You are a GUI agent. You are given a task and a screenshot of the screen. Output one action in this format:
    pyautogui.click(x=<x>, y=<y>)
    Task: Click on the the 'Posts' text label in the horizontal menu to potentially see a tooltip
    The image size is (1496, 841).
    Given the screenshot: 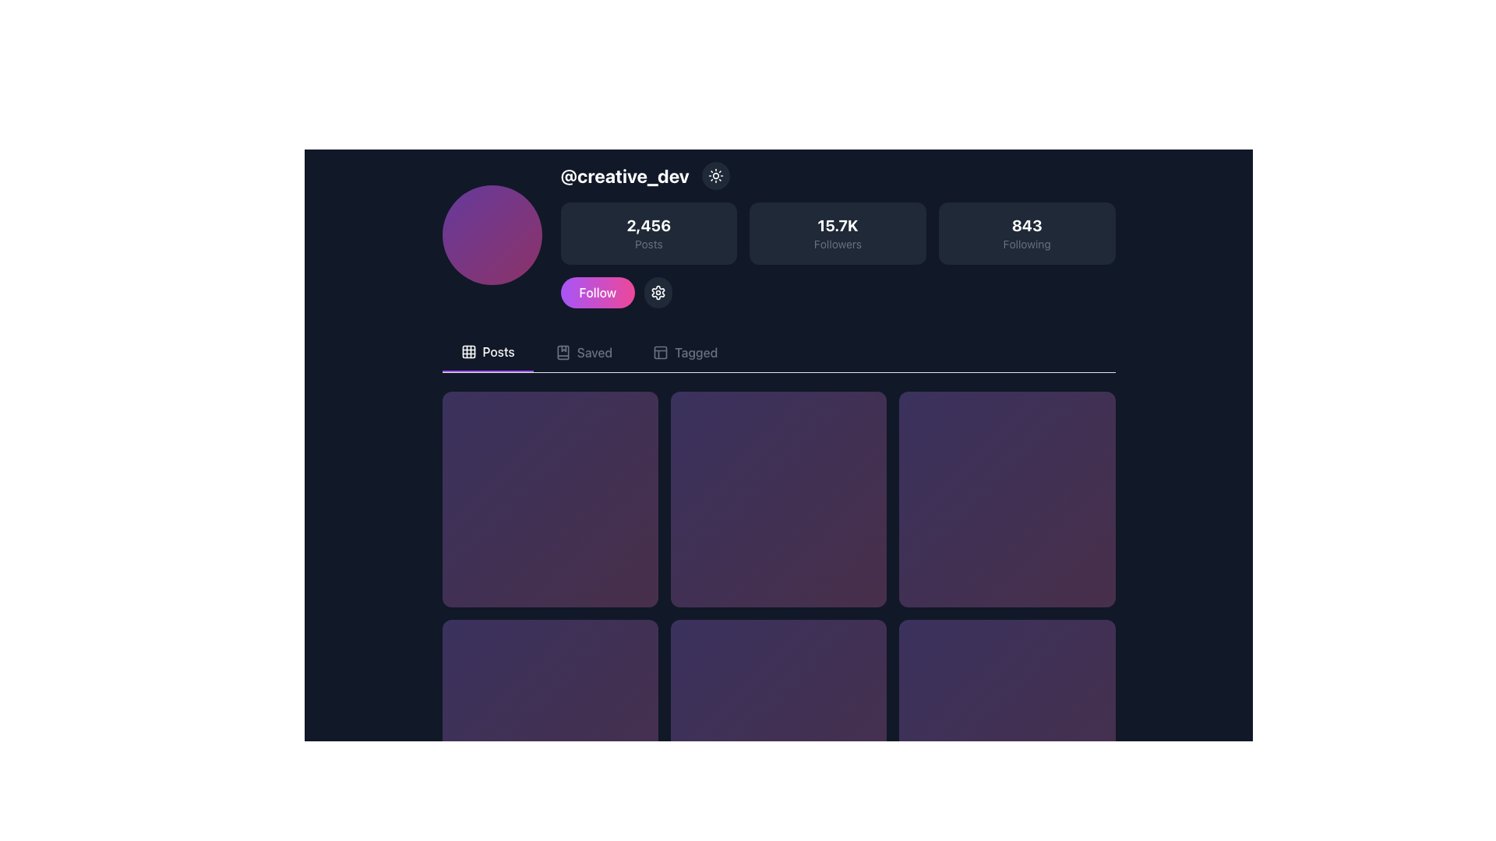 What is the action you would take?
    pyautogui.click(x=499, y=351)
    